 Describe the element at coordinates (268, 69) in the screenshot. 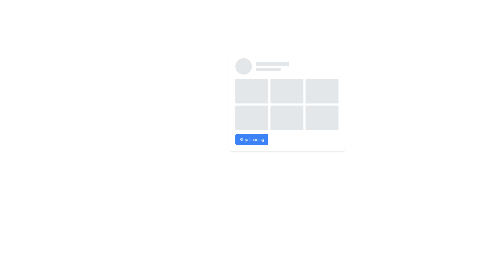

I see `the Loading placeholder located below the larger gray placeholder at the top-left corner of the visible card` at that location.